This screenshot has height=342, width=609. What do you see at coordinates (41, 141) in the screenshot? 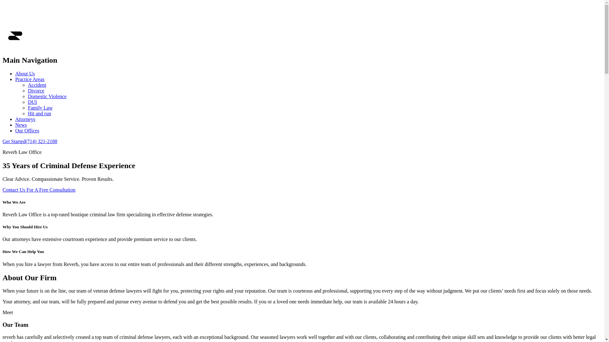
I see `'(714) 321-2188'` at bounding box center [41, 141].